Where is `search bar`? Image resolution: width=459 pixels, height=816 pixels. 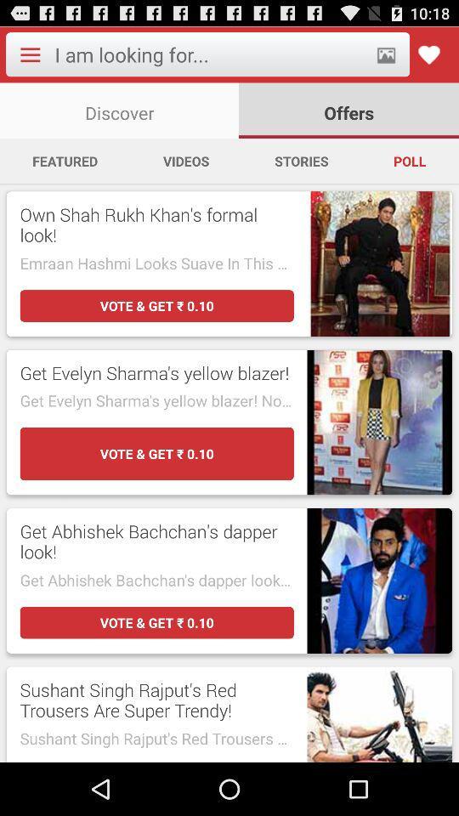
search bar is located at coordinates (210, 54).